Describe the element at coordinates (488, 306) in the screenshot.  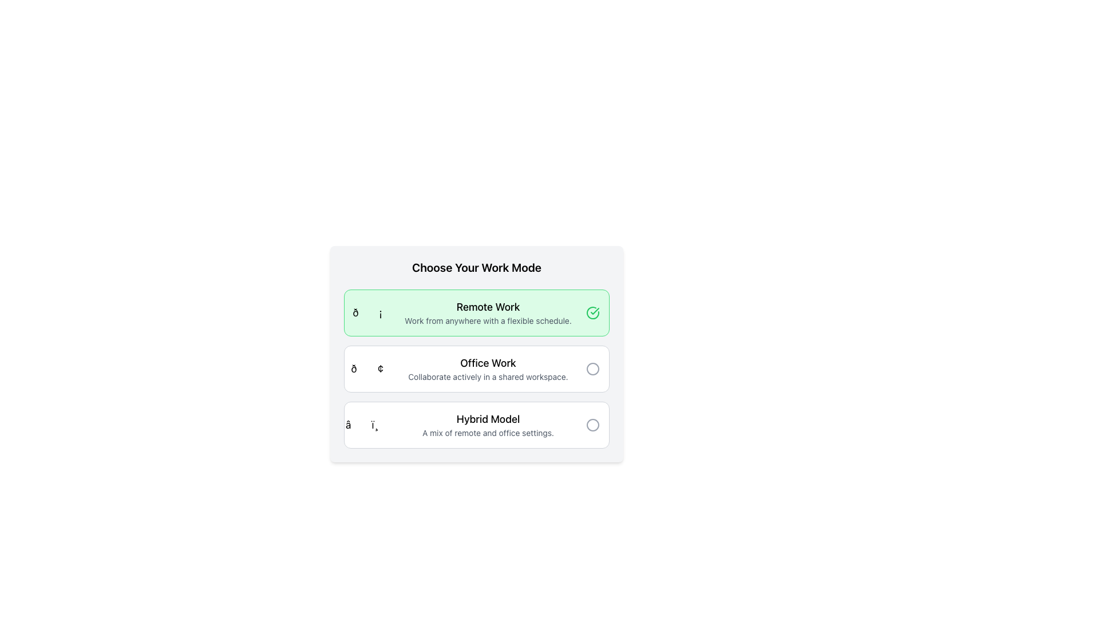
I see `the text label that identifies the first selectable work mode option, which is positioned above the smaller text line that reads 'Work from anywhere with a flexible schedule.'` at that location.